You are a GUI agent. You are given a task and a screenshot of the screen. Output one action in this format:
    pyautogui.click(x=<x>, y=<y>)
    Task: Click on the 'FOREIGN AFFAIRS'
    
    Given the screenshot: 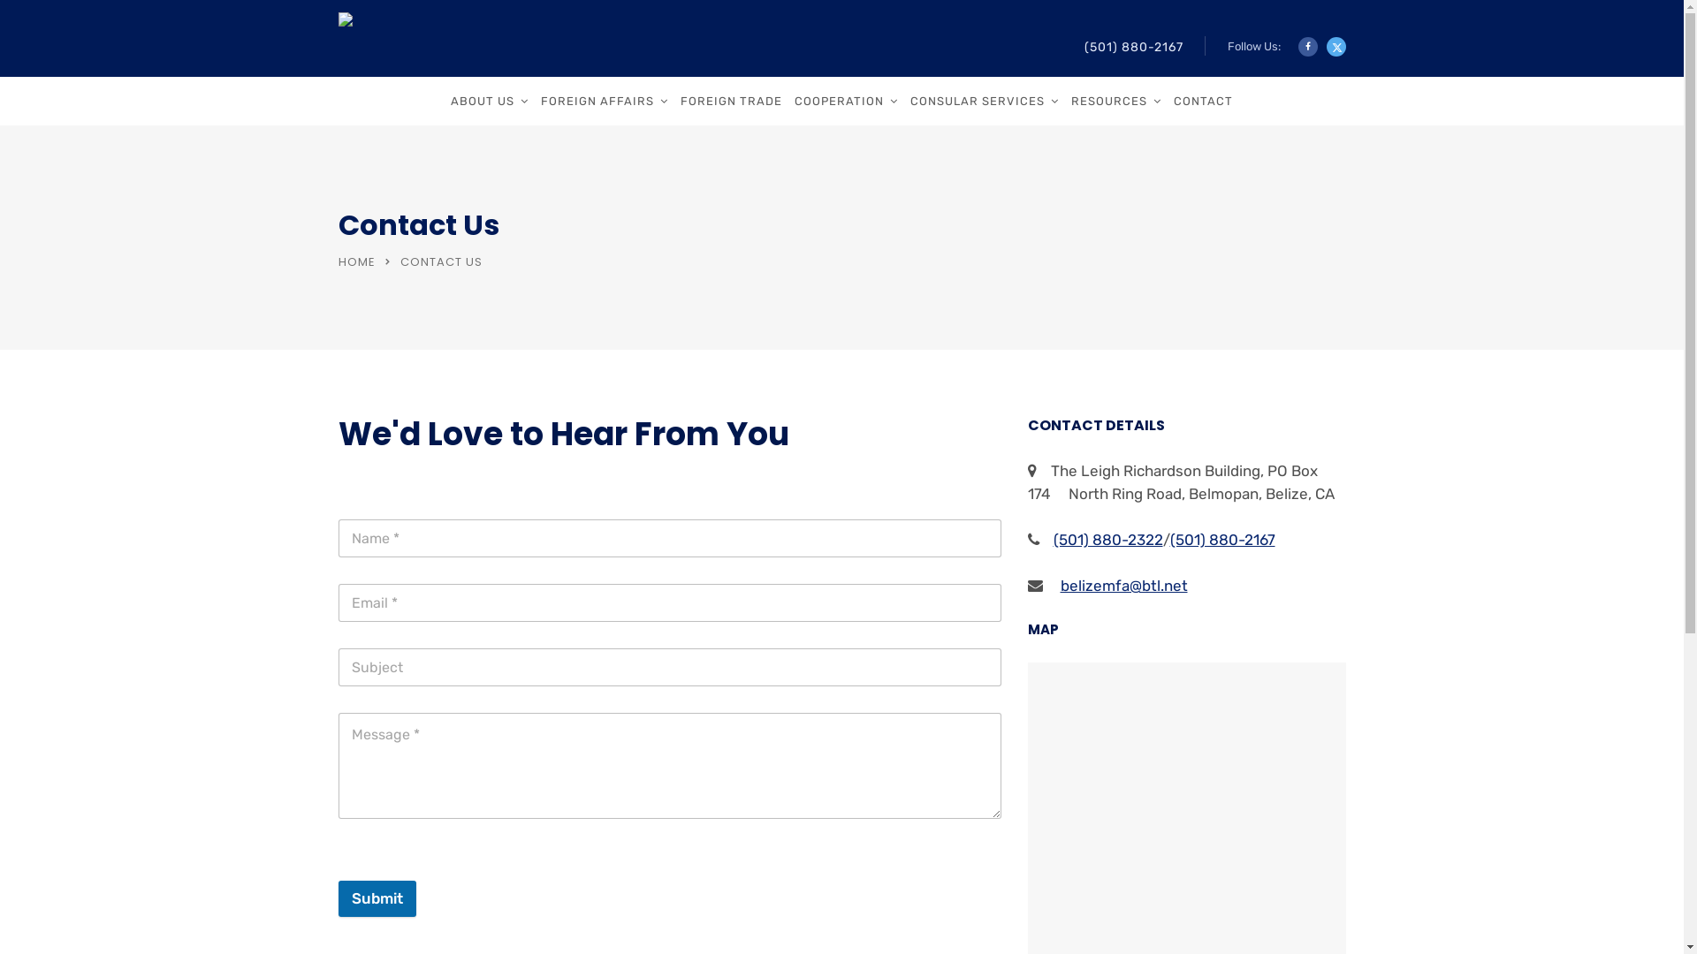 What is the action you would take?
    pyautogui.click(x=539, y=101)
    